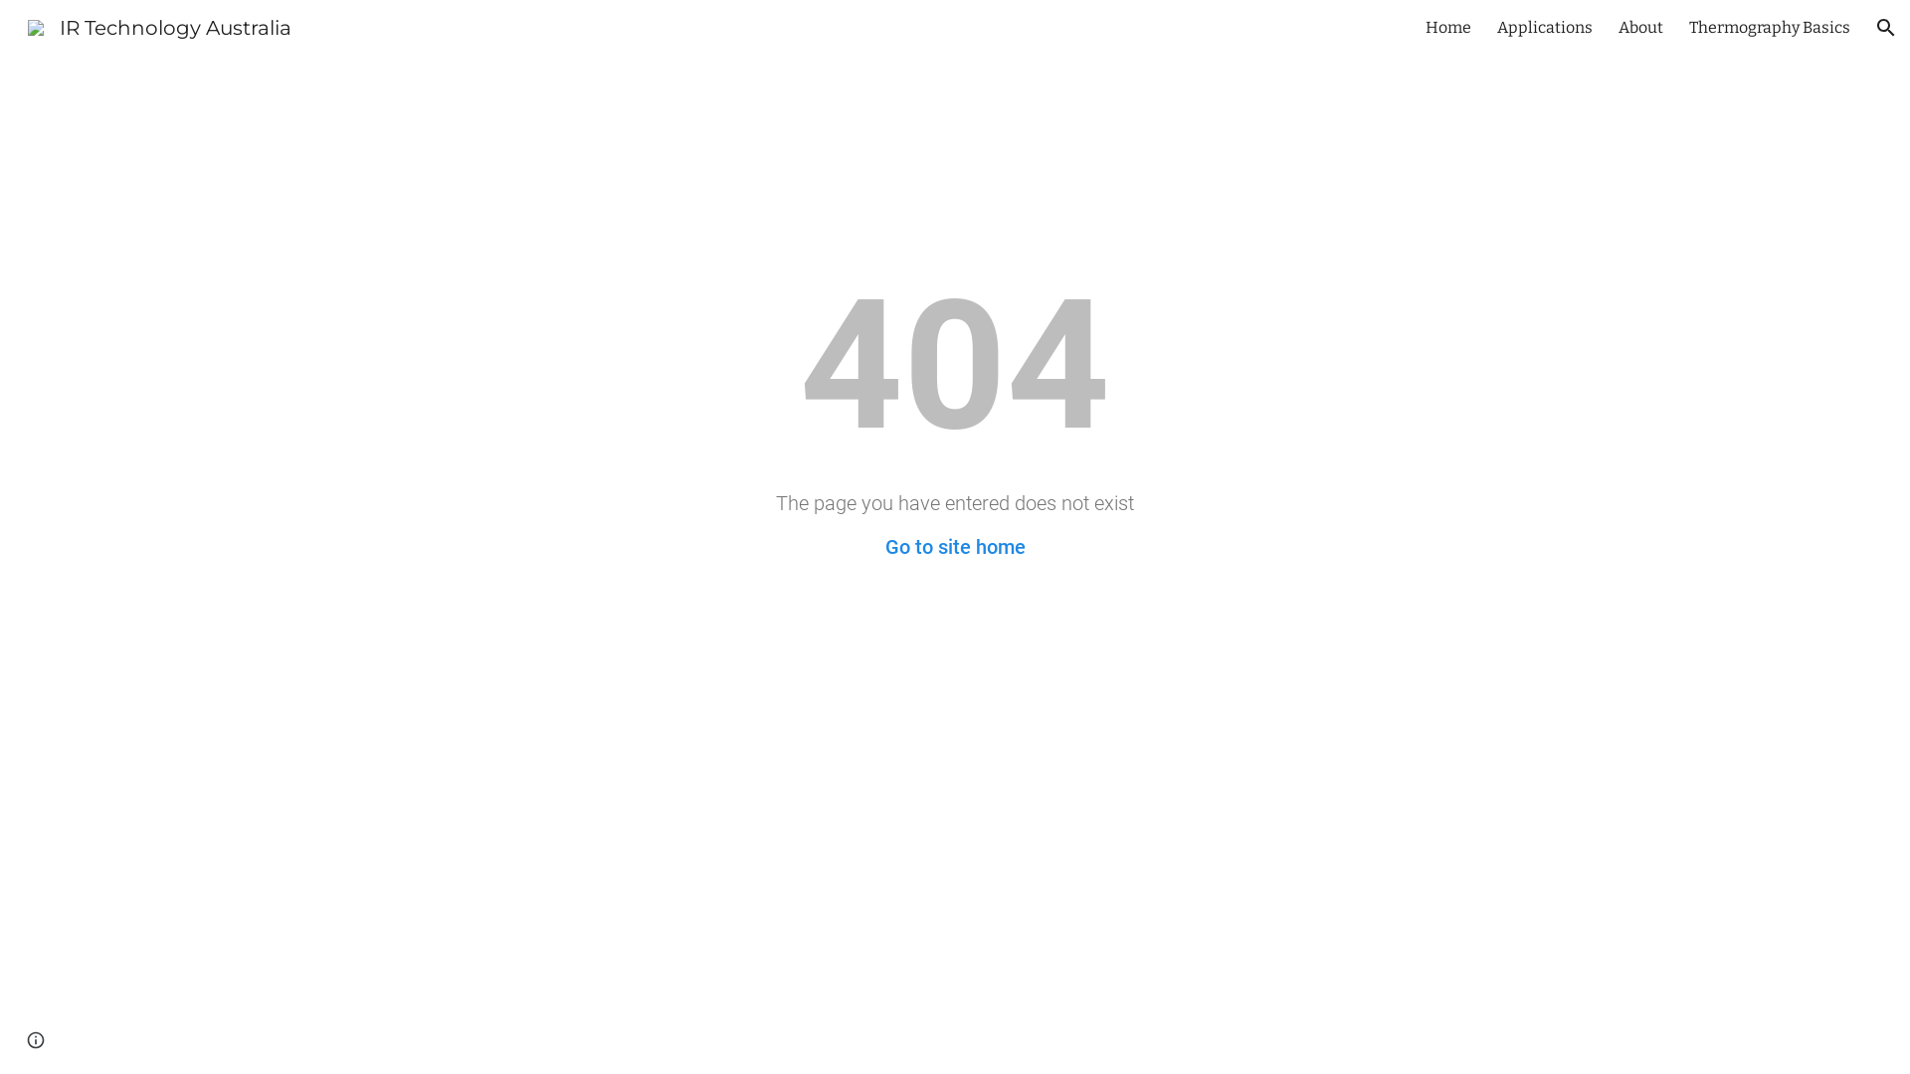 The height and width of the screenshot is (1074, 1910). I want to click on 'About', so click(1619, 27).